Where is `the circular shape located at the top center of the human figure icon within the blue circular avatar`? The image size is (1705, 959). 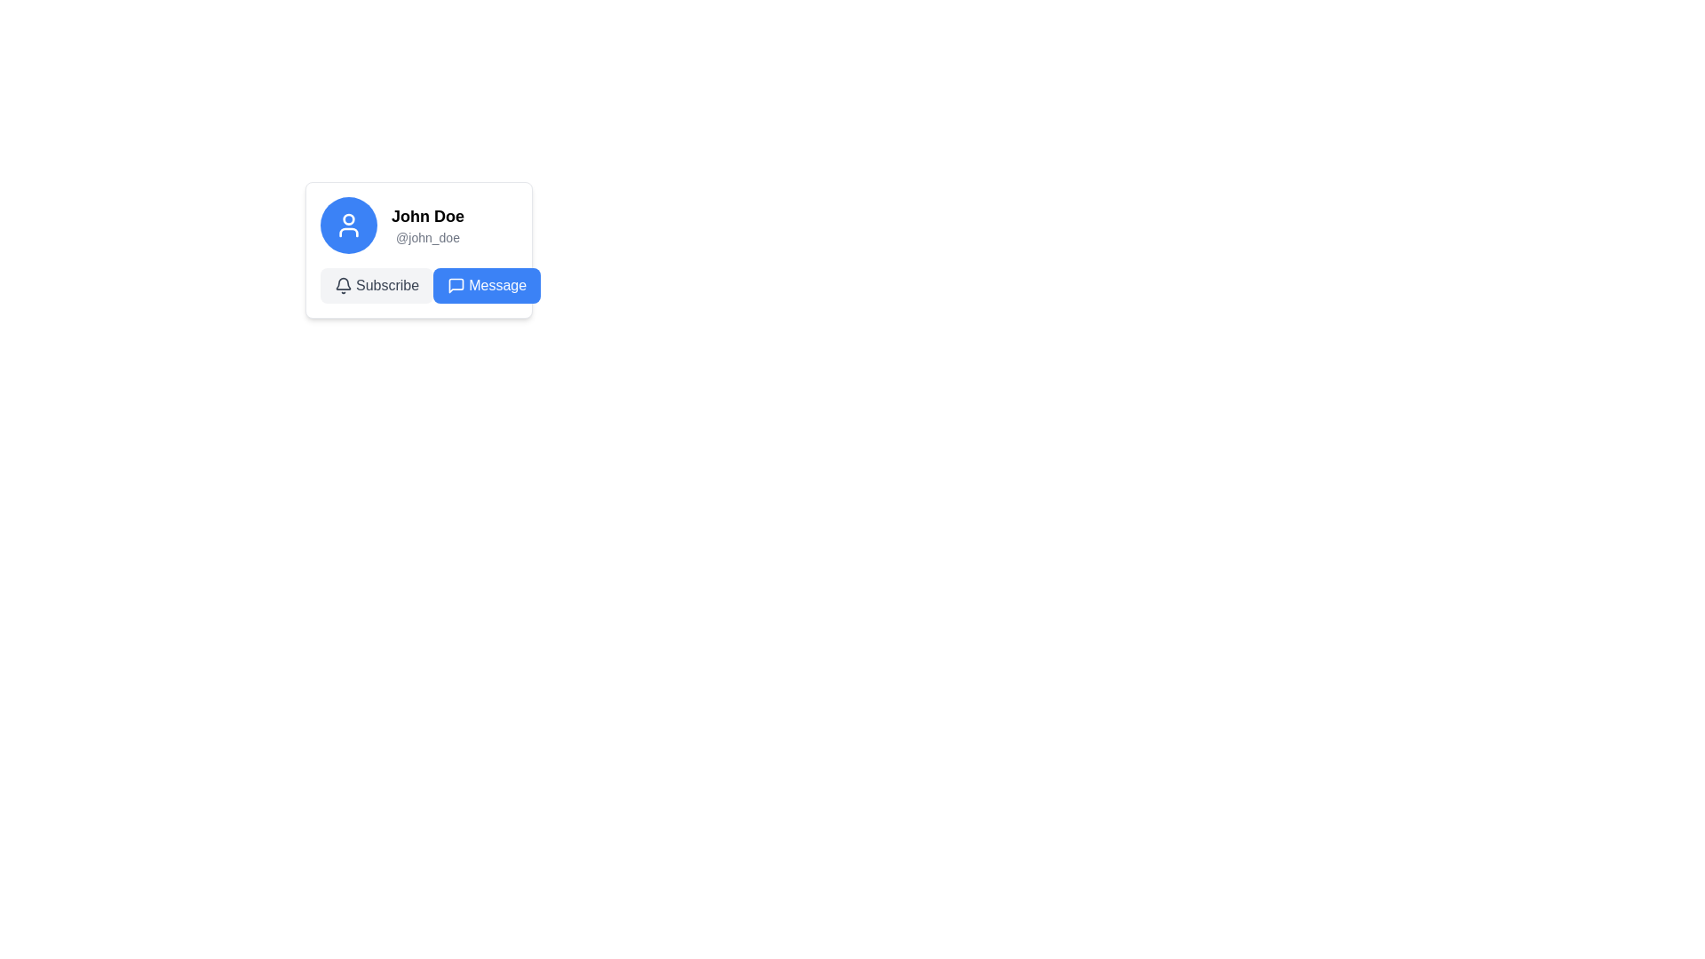 the circular shape located at the top center of the human figure icon within the blue circular avatar is located at coordinates (349, 218).